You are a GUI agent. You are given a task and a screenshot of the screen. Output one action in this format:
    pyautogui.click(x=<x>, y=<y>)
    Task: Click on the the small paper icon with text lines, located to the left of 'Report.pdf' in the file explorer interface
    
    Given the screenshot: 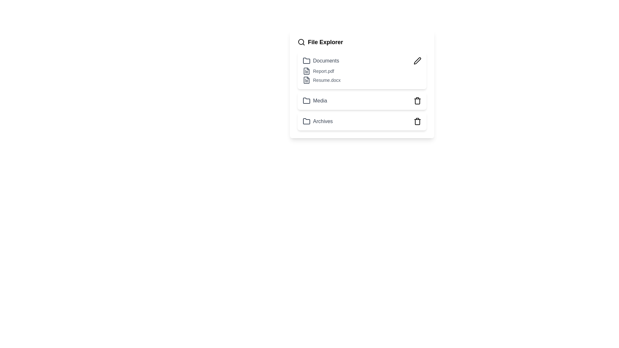 What is the action you would take?
    pyautogui.click(x=306, y=71)
    